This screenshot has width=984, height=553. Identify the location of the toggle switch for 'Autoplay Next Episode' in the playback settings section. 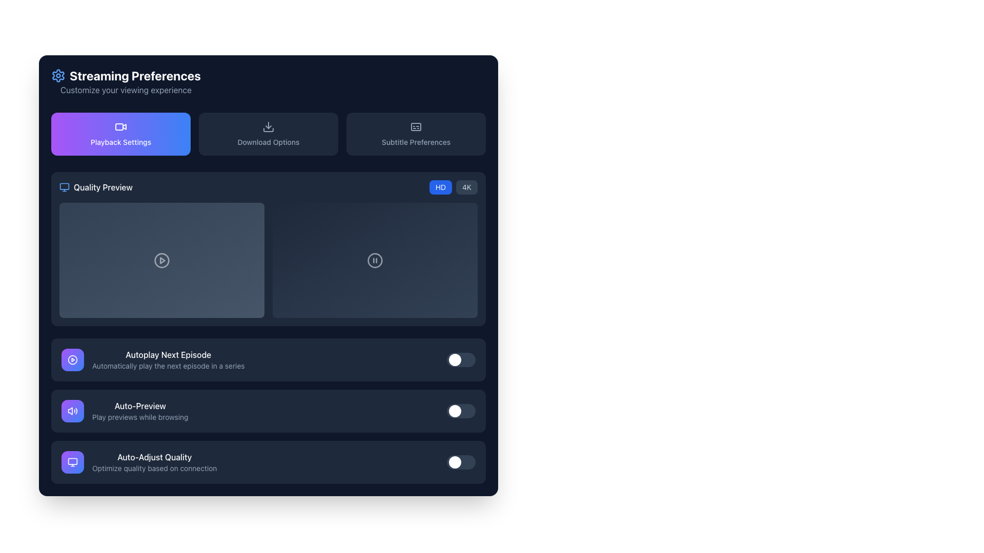
(461, 359).